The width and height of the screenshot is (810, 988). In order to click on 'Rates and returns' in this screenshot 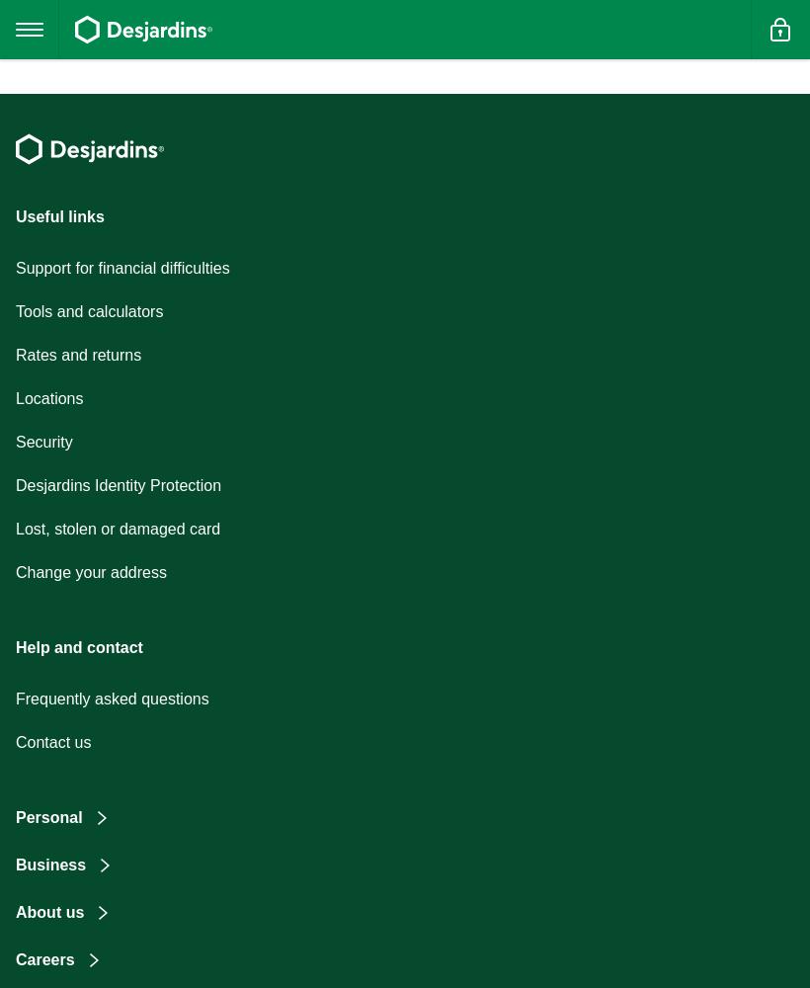, I will do `click(78, 354)`.